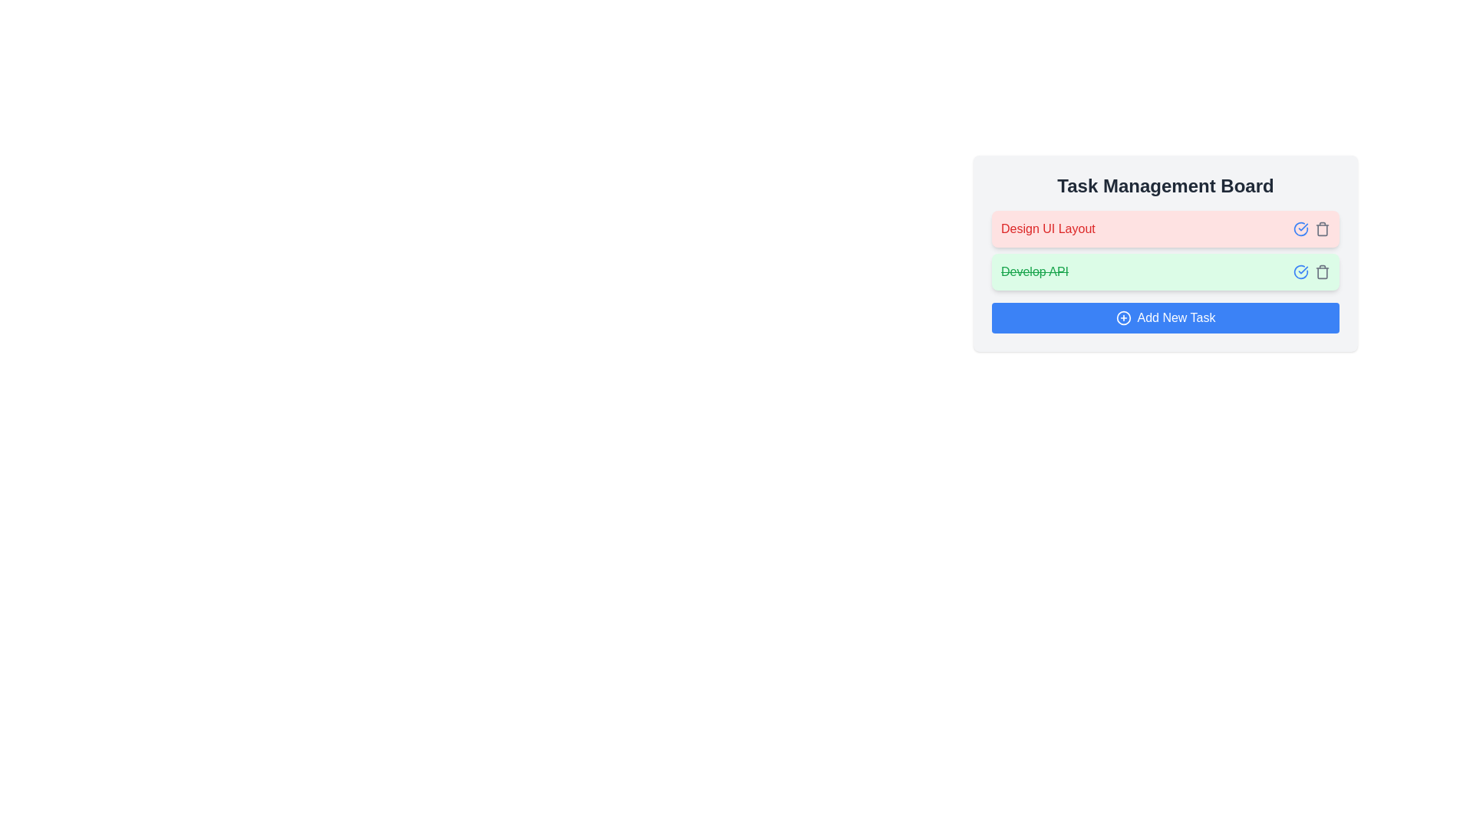 This screenshot has width=1473, height=828. I want to click on the 'Add New Task' icon located on the left side inside the 'Add New Task' button at the bottom of the task board interface, so click(1123, 317).